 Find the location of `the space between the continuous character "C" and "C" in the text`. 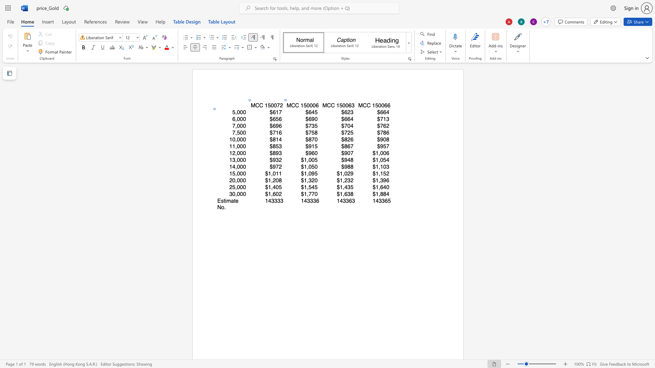

the space between the continuous character "C" and "C" in the text is located at coordinates (295, 105).